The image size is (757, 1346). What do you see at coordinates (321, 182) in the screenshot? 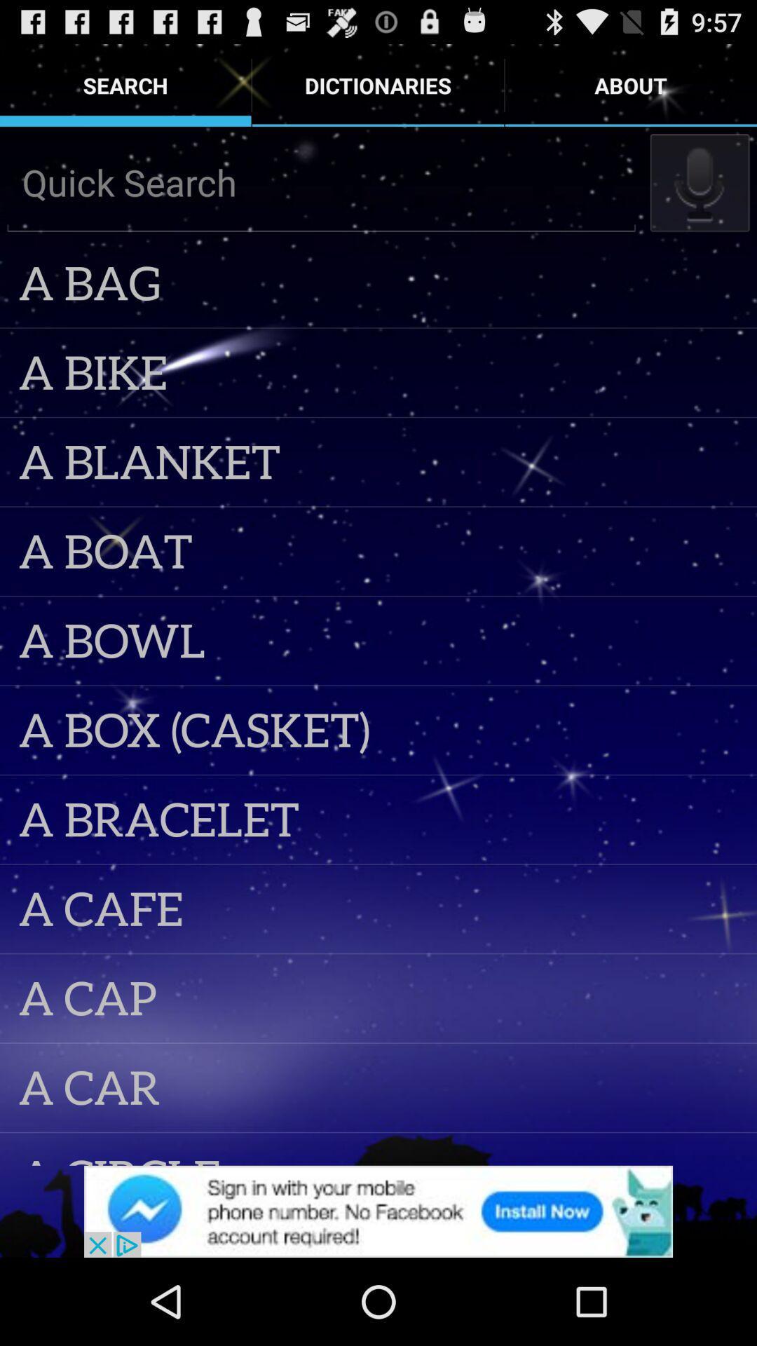
I see `search textbox` at bounding box center [321, 182].